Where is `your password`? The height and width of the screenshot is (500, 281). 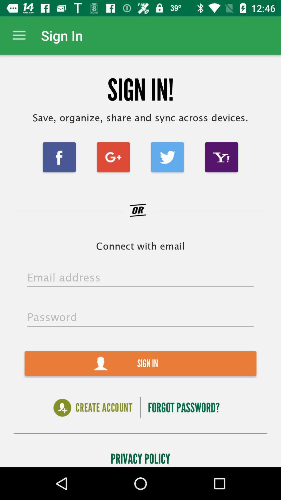 your password is located at coordinates (140, 317).